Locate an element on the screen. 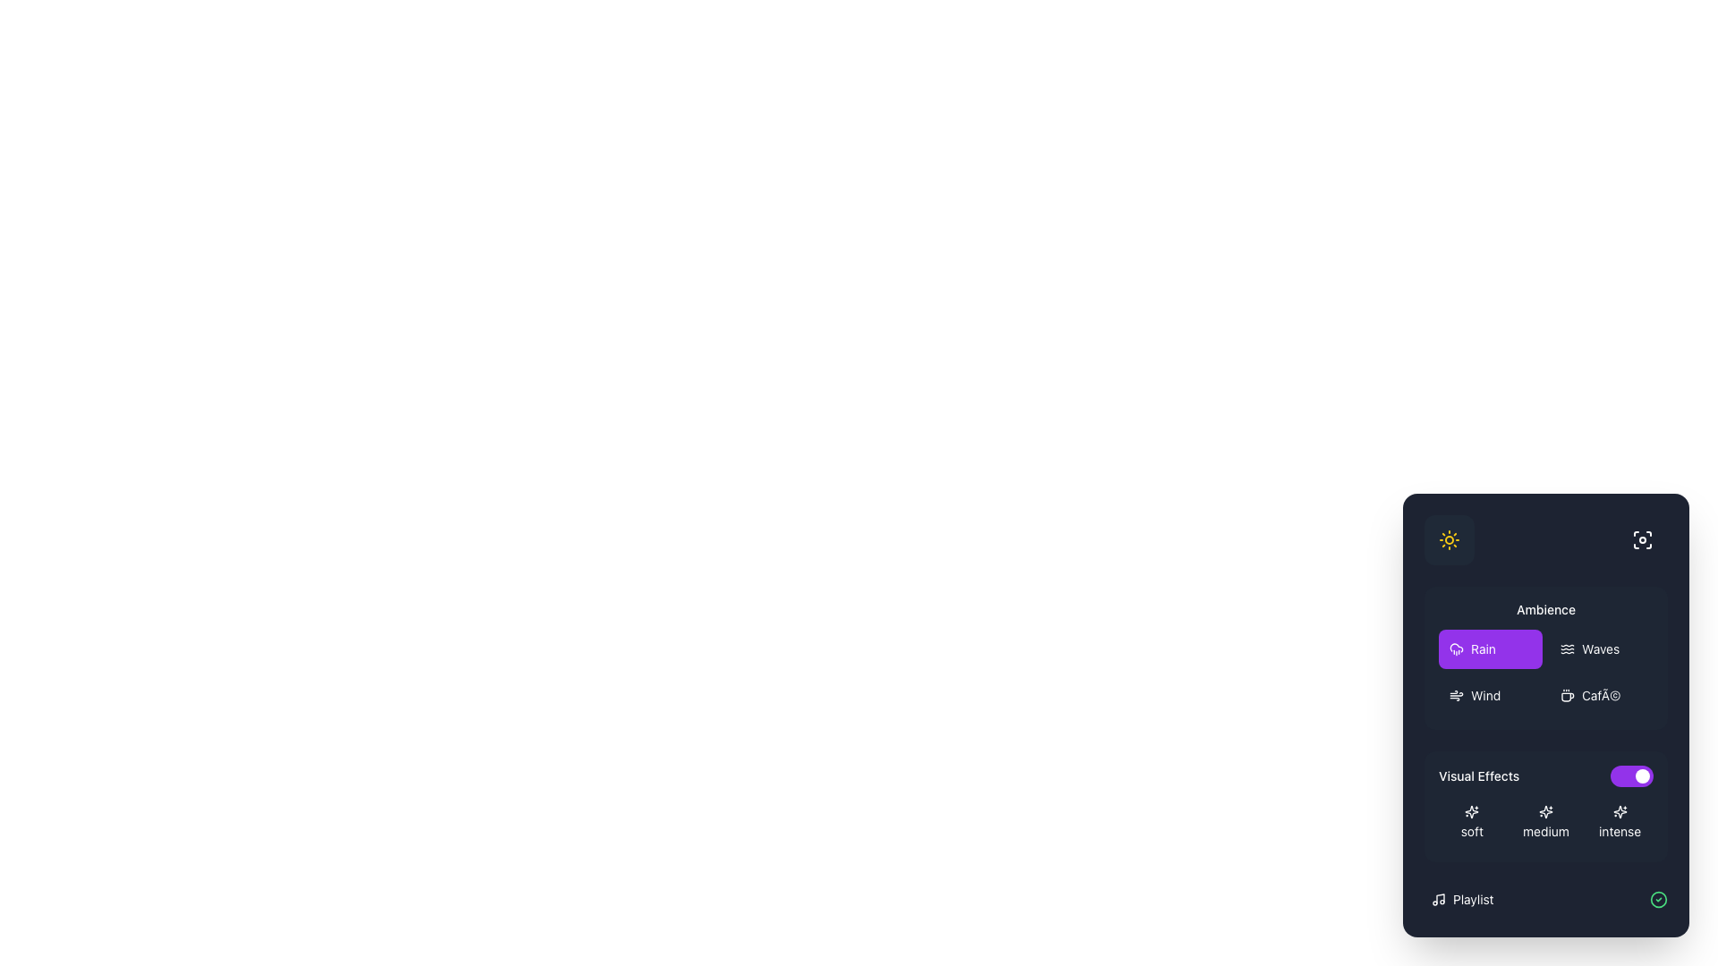 This screenshot has height=966, width=1718. the square button with a round border and a central focus or crosshair icon located is located at coordinates (1643, 539).